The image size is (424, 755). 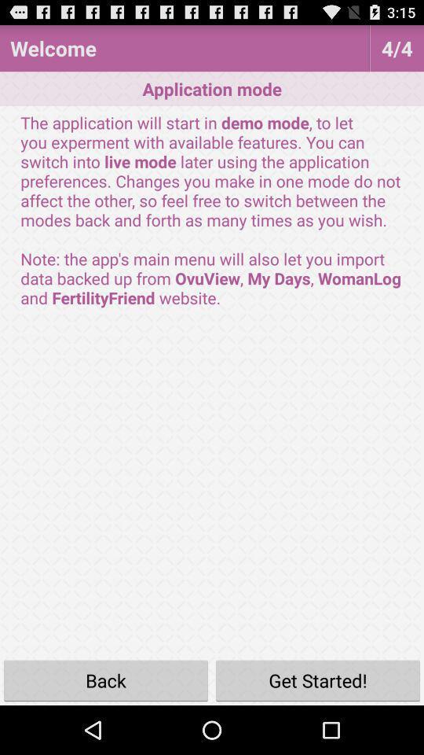 What do you see at coordinates (318, 679) in the screenshot?
I see `app below the the application will icon` at bounding box center [318, 679].